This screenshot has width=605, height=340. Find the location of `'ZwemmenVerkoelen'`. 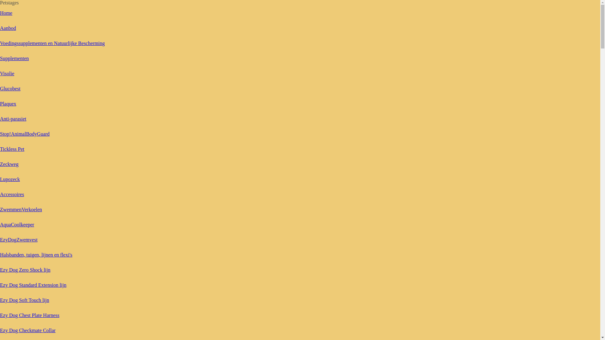

'ZwemmenVerkoelen' is located at coordinates (21, 209).